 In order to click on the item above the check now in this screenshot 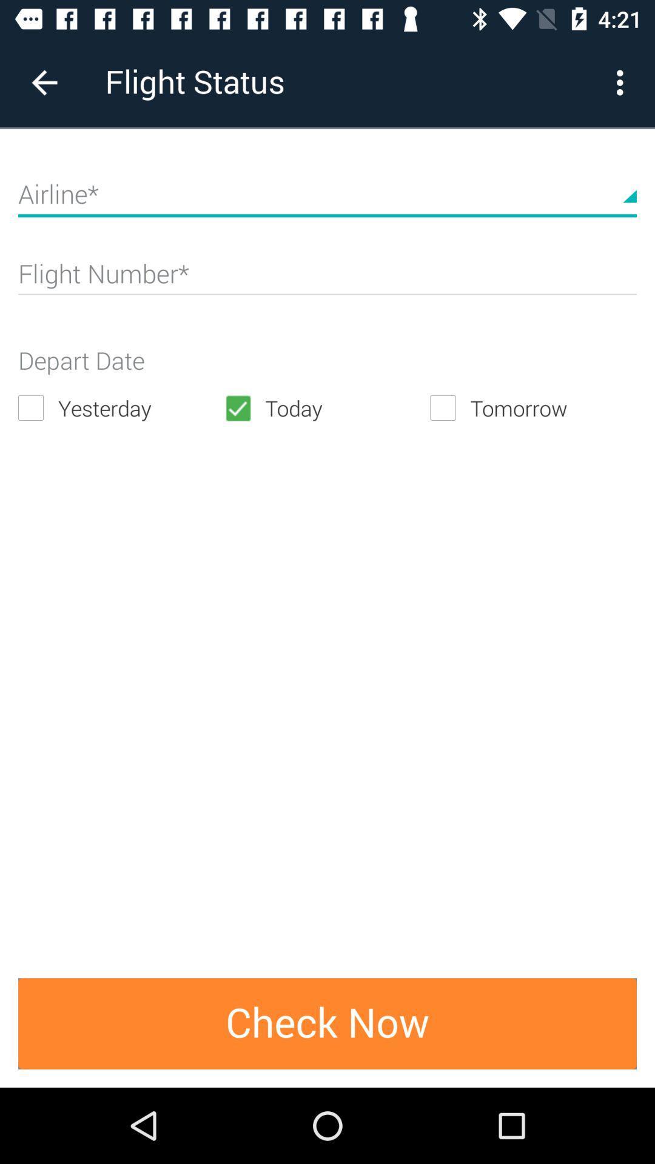, I will do `click(532, 408)`.